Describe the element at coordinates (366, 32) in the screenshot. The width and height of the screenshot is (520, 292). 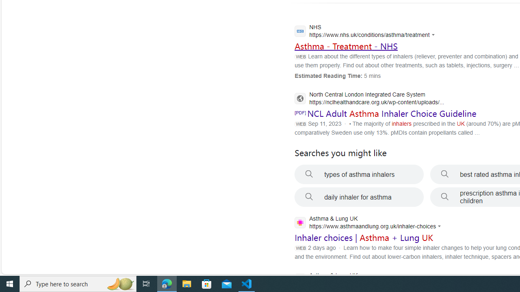
I see `'NHS'` at that location.